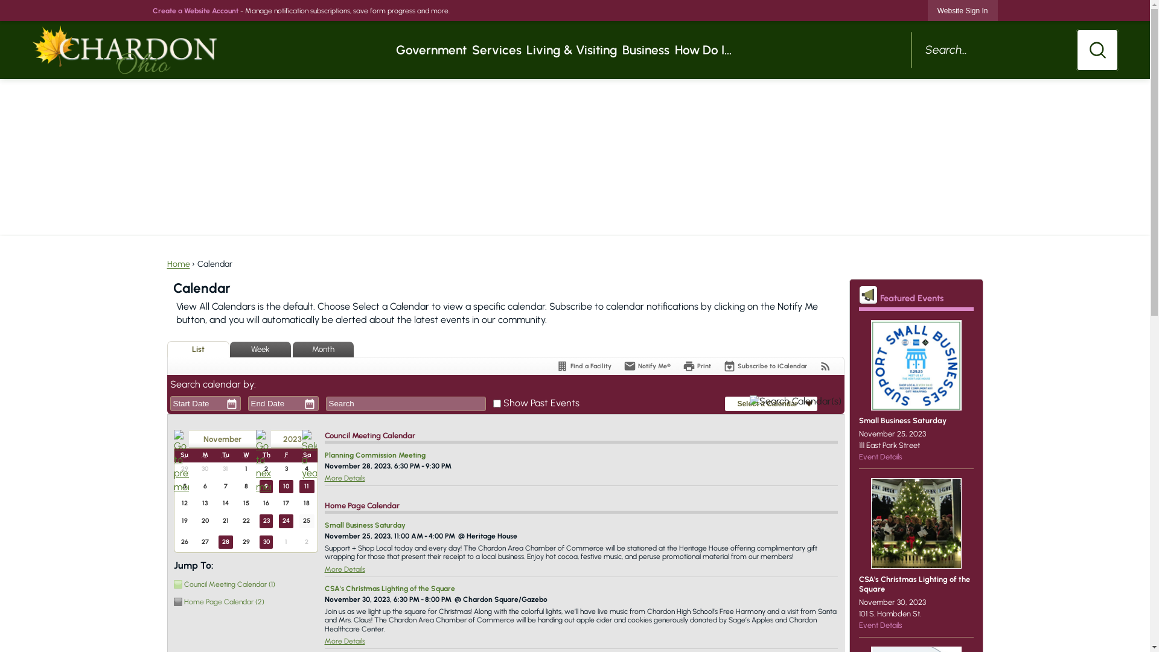 The height and width of the screenshot is (652, 1159). I want to click on '30', so click(266, 542).